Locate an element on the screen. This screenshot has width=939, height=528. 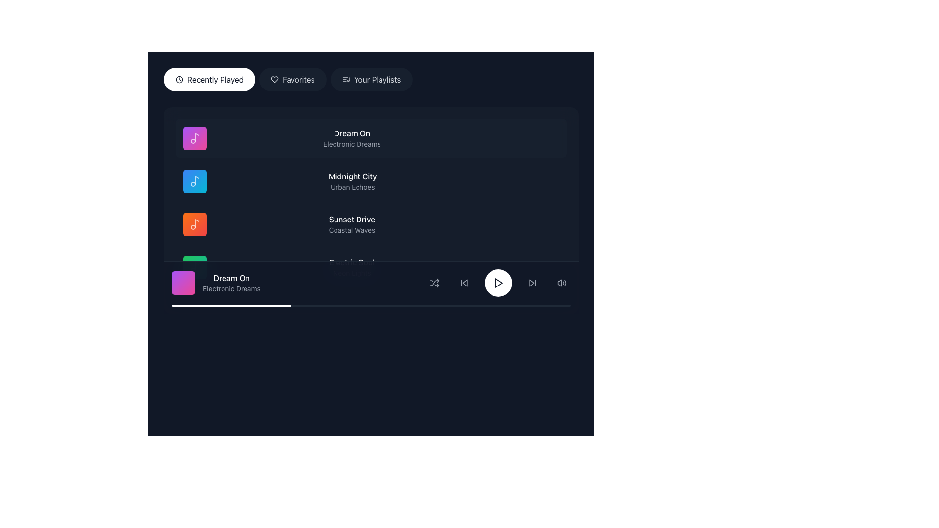
the heart-shaped icon in the 'Favorites' button, which is styled in line art and is located to the left of the 'Favorites' text label is located at coordinates (274, 79).